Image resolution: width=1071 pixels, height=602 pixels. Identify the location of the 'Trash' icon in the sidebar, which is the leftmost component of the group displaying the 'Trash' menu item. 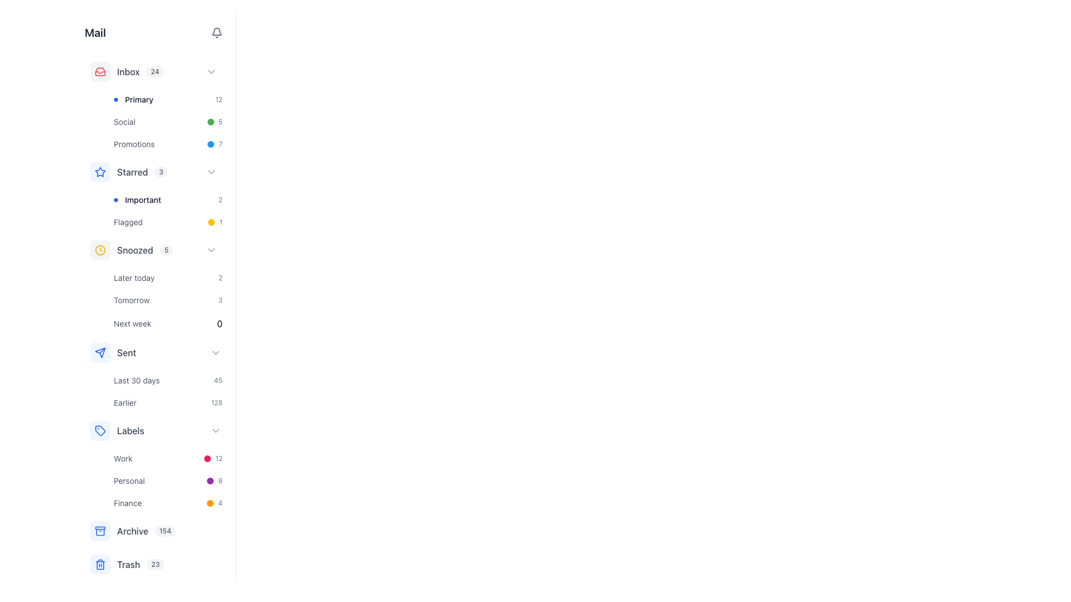
(100, 565).